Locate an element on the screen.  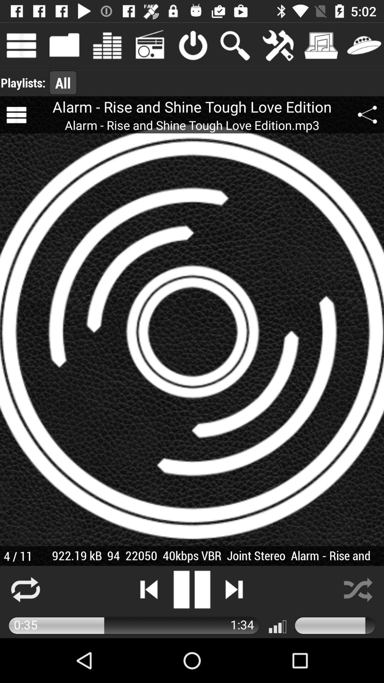
the search icon is located at coordinates (235, 45).